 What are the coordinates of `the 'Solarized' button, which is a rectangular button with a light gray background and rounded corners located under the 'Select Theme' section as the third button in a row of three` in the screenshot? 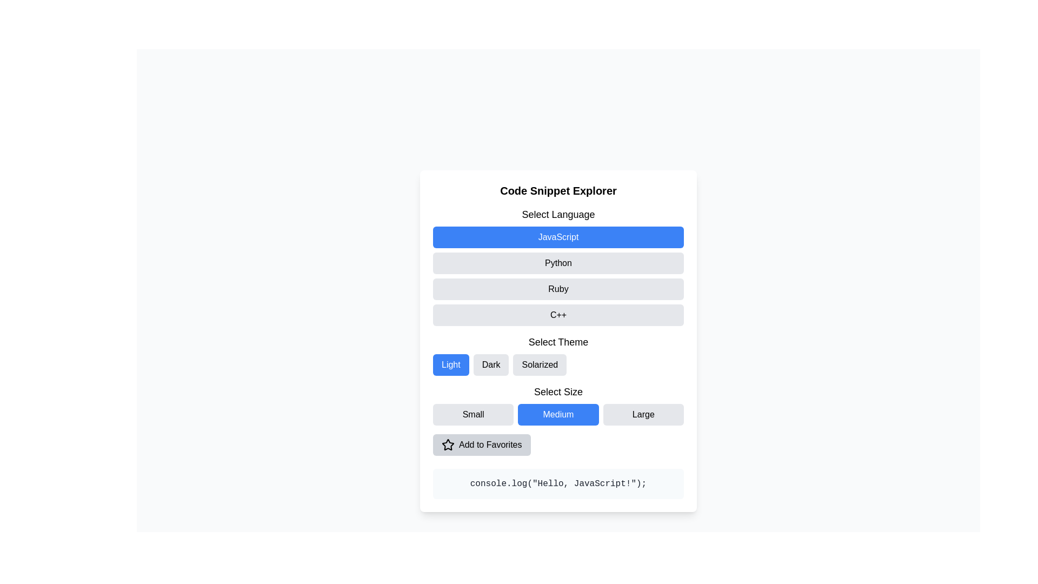 It's located at (540, 365).